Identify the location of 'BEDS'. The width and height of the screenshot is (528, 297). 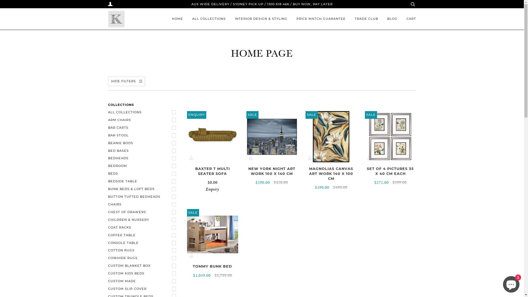
(108, 174).